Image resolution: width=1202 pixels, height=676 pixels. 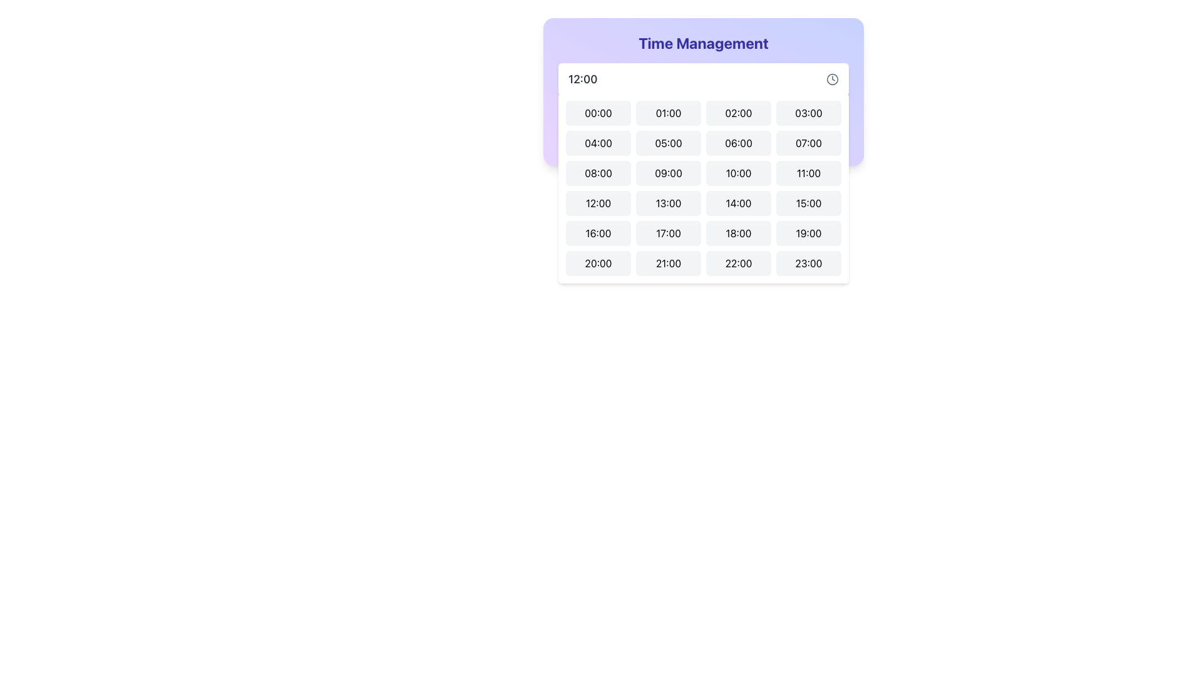 What do you see at coordinates (597, 233) in the screenshot?
I see `the button representing the time '16:00' in the dropdown menu to change its background color` at bounding box center [597, 233].